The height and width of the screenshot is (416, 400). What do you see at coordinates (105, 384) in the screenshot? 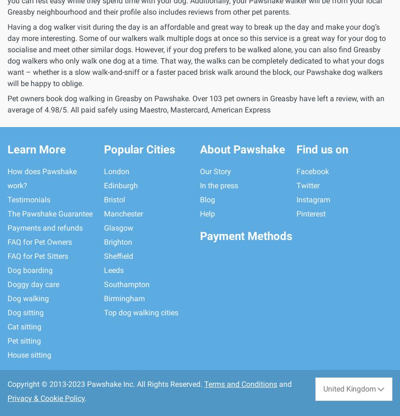
I see `'Copyright © 2013-2023 Pawshake Inc. All Rights Reserved.'` at bounding box center [105, 384].